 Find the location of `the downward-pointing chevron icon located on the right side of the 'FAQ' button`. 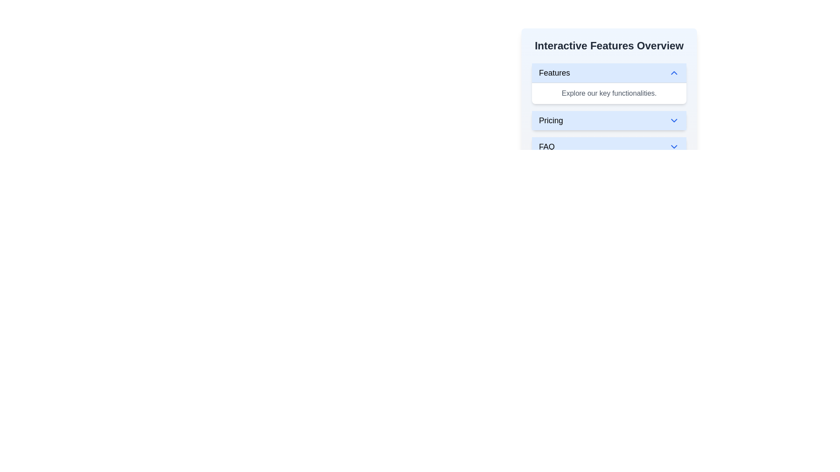

the downward-pointing chevron icon located on the right side of the 'FAQ' button is located at coordinates (673, 146).